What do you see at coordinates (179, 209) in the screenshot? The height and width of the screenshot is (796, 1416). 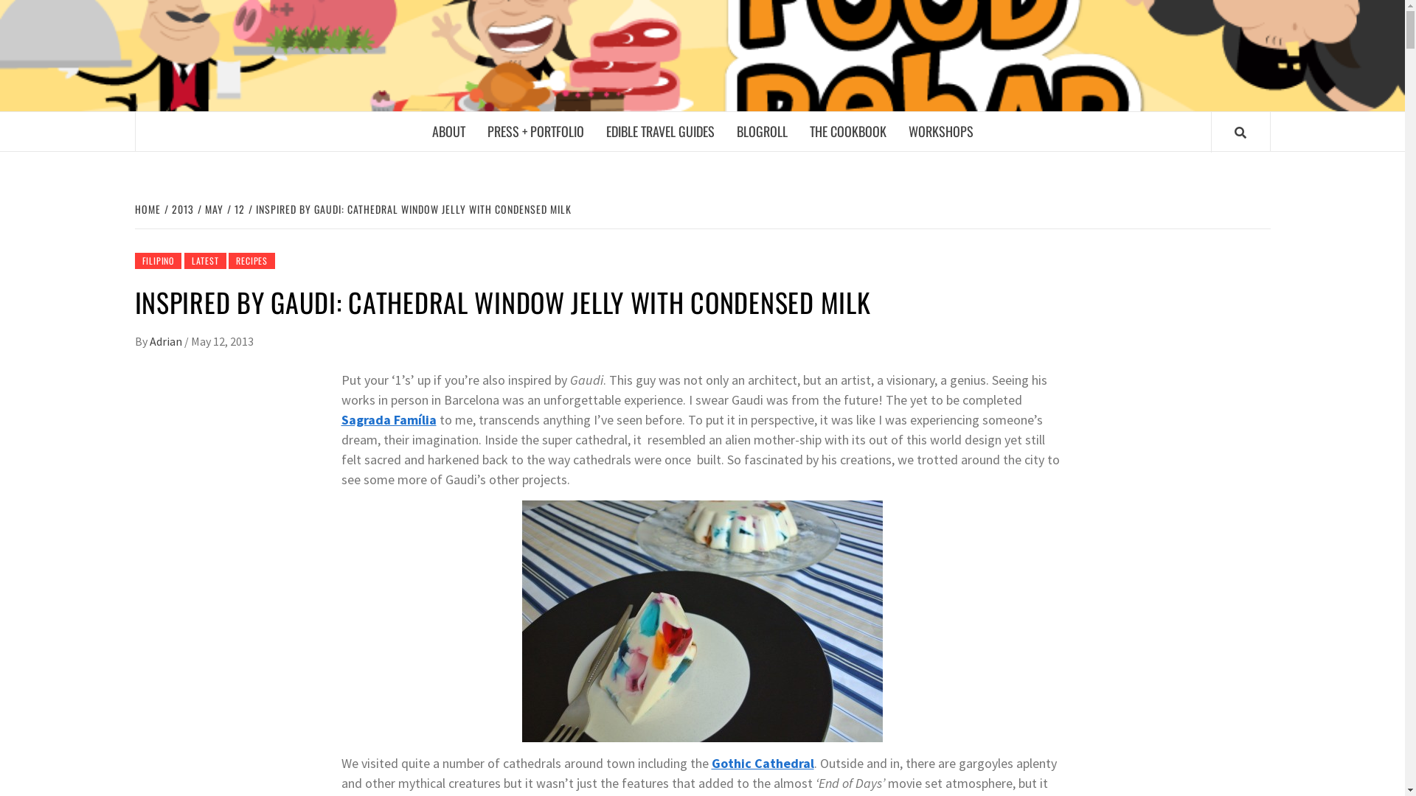 I see `'2013'` at bounding box center [179, 209].